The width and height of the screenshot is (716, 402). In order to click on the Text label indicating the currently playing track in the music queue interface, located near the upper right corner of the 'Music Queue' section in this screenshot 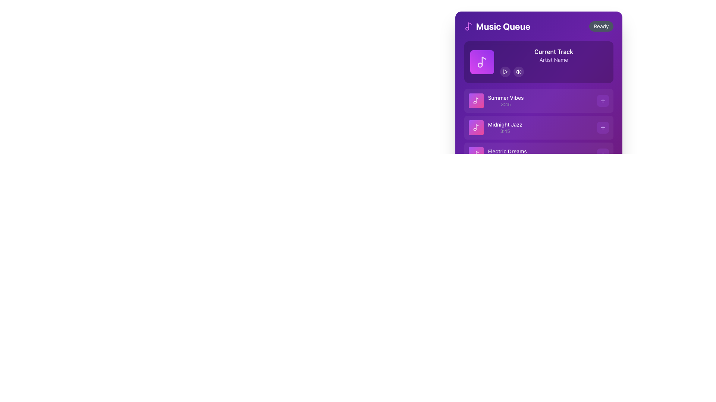, I will do `click(553, 51)`.